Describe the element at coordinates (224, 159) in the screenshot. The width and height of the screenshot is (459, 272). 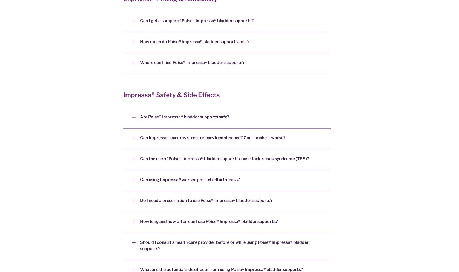
I see `'Can the use of Poise® Impressa® bladder supports cause toxic shock syndrome (TSS)?'` at that location.